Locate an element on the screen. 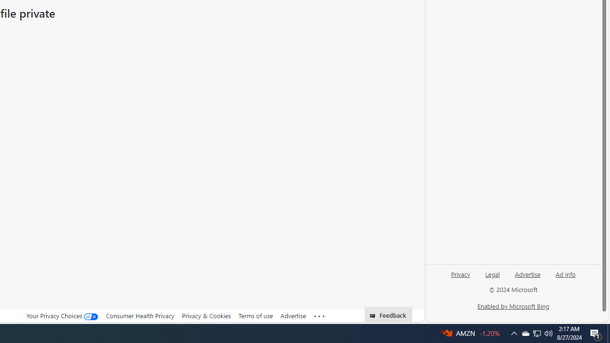 Image resolution: width=610 pixels, height=343 pixels. 'Class: feedback_link_icon-DS-EntryPoint1-1' is located at coordinates (374, 316).